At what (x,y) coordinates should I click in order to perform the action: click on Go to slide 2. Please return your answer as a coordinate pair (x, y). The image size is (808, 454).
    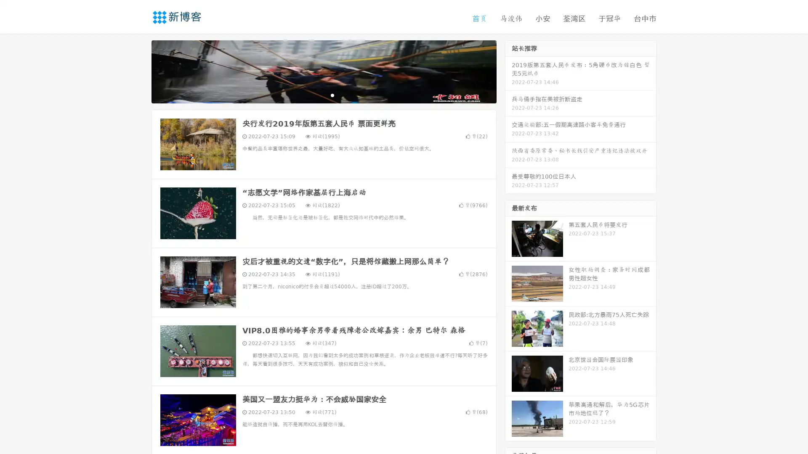
    Looking at the image, I should click on (323, 95).